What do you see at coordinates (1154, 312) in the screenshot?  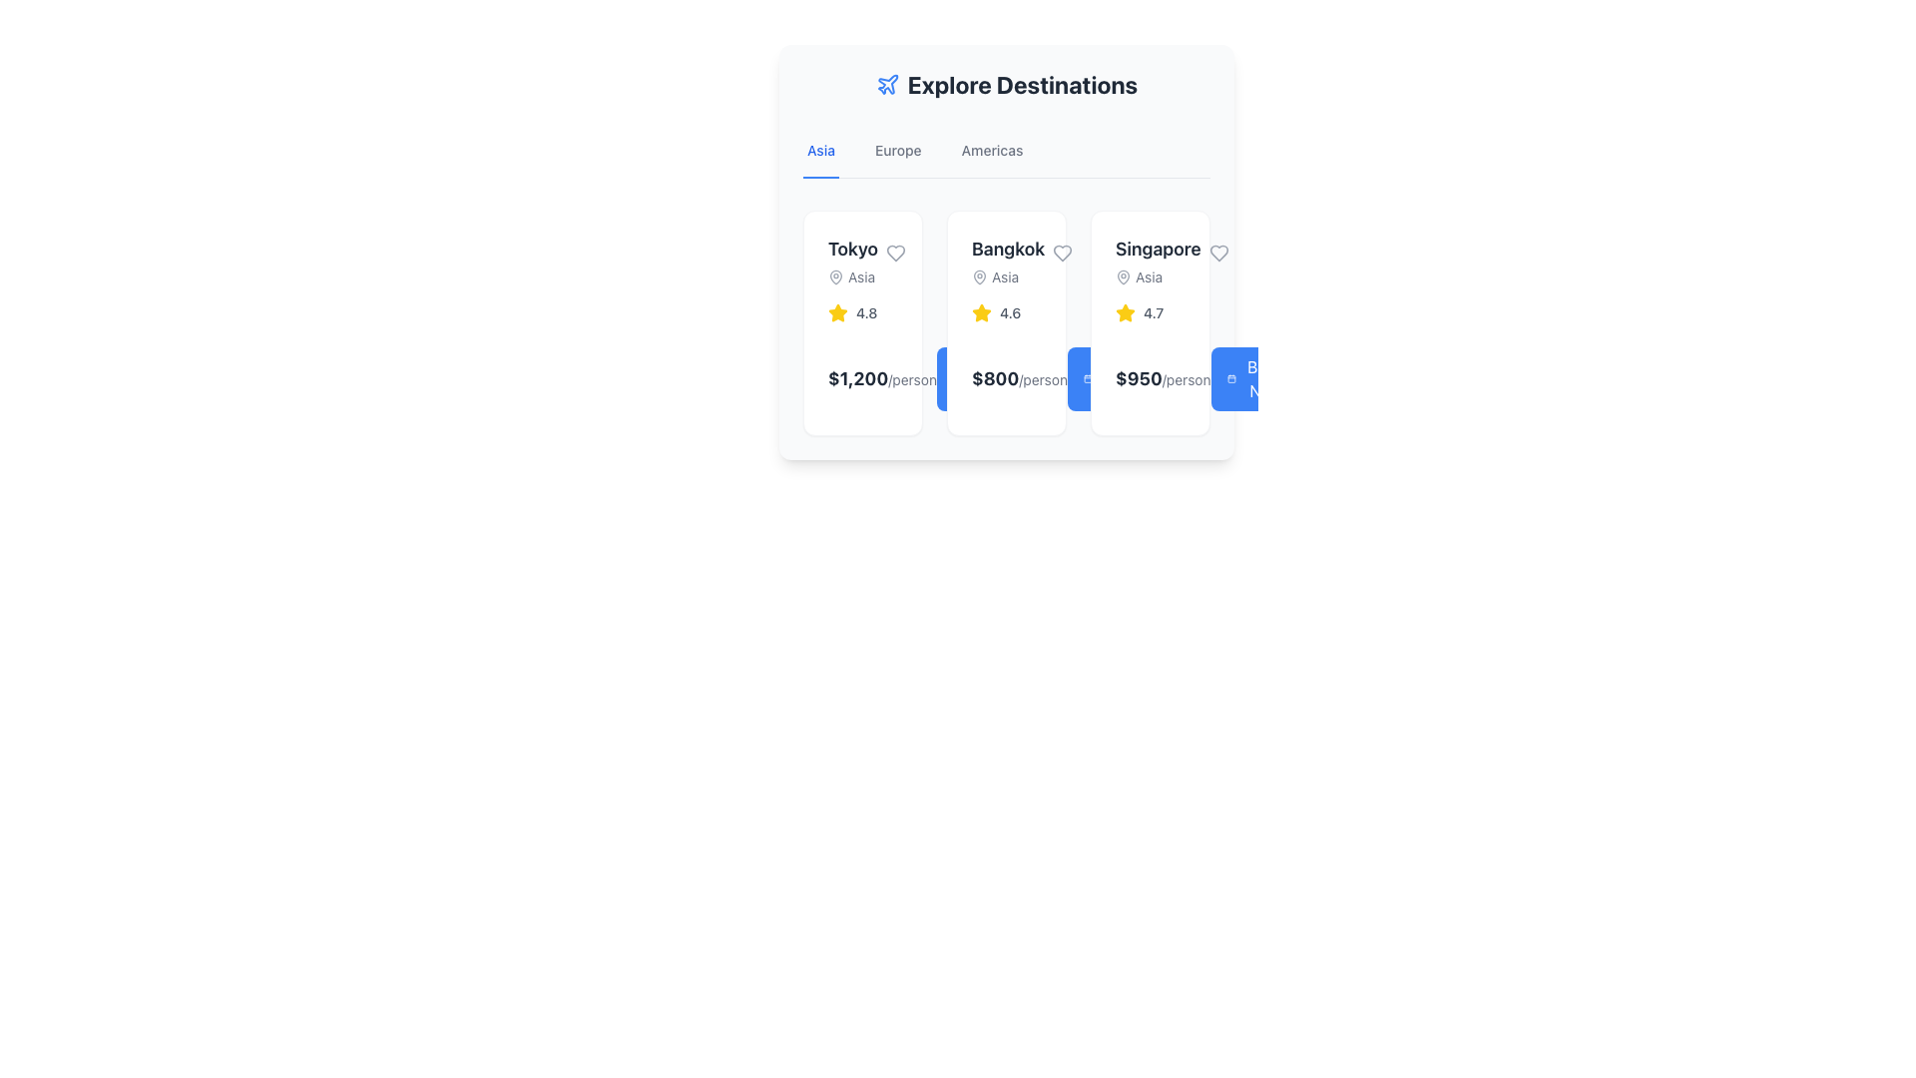 I see `numerical rating text associated with the destination in the bottom section of the card labeled 'Singapore', which is positioned to the right of a yellow star icon` at bounding box center [1154, 312].